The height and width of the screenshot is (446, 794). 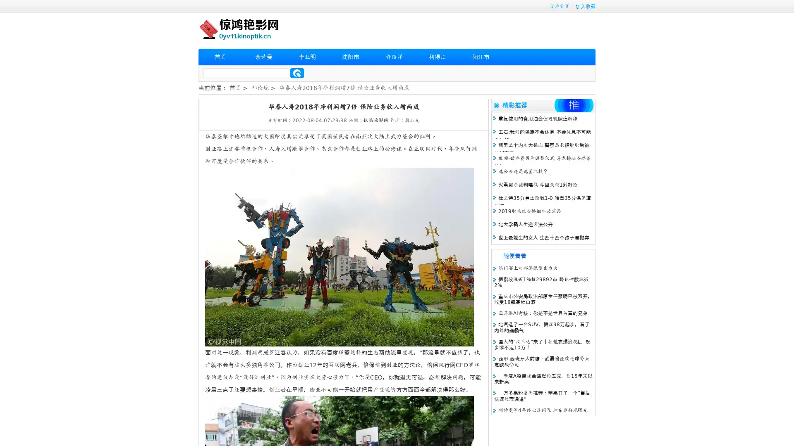 I want to click on Search, so click(x=297, y=73).